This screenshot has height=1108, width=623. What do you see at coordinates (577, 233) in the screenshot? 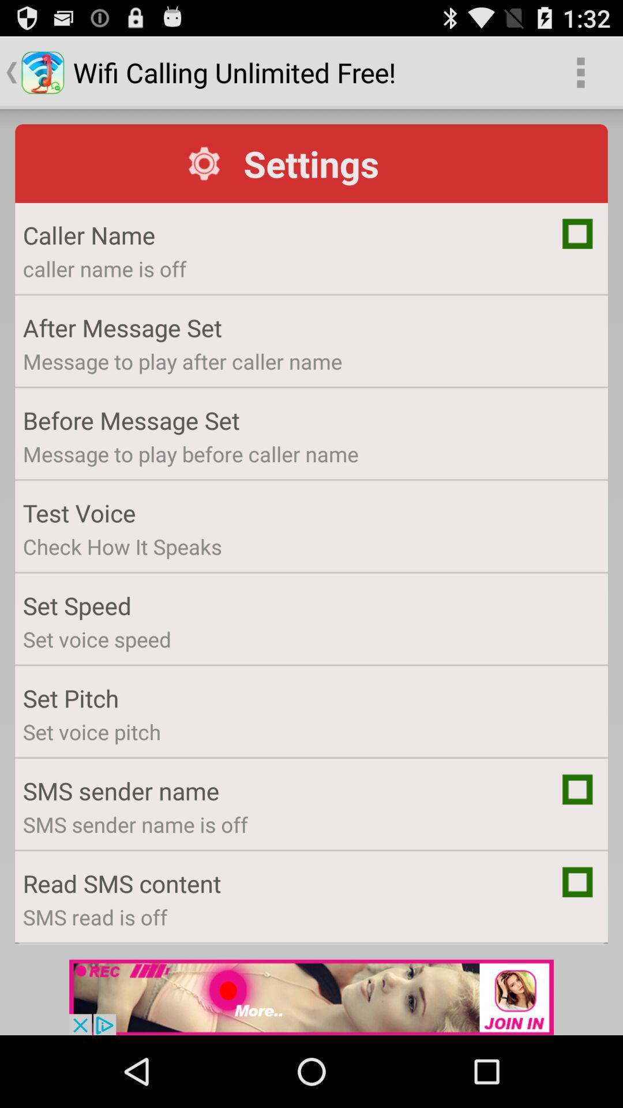
I see `tick` at bounding box center [577, 233].